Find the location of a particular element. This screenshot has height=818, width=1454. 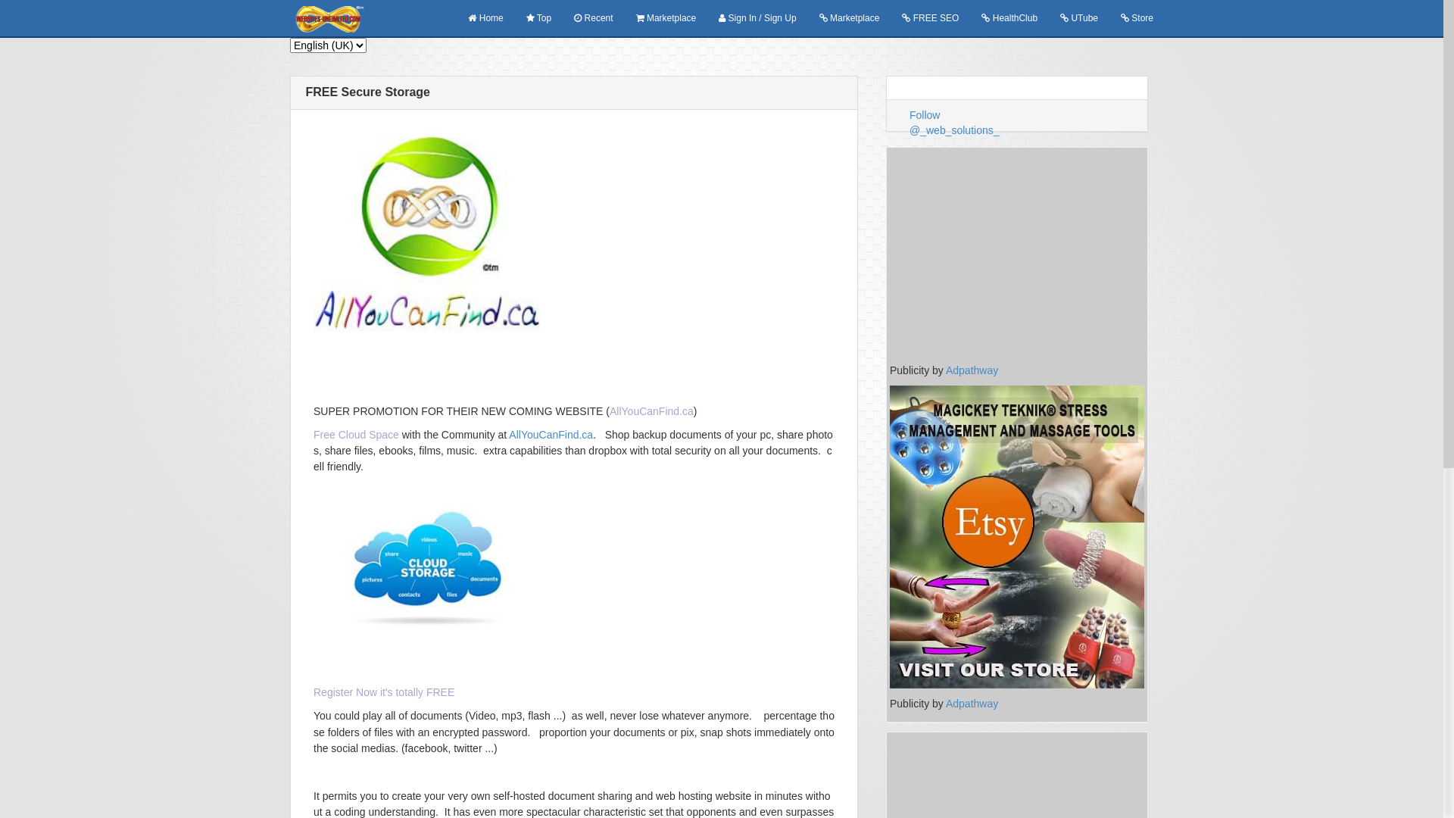

'Free Cloud Space' is located at coordinates (312, 435).